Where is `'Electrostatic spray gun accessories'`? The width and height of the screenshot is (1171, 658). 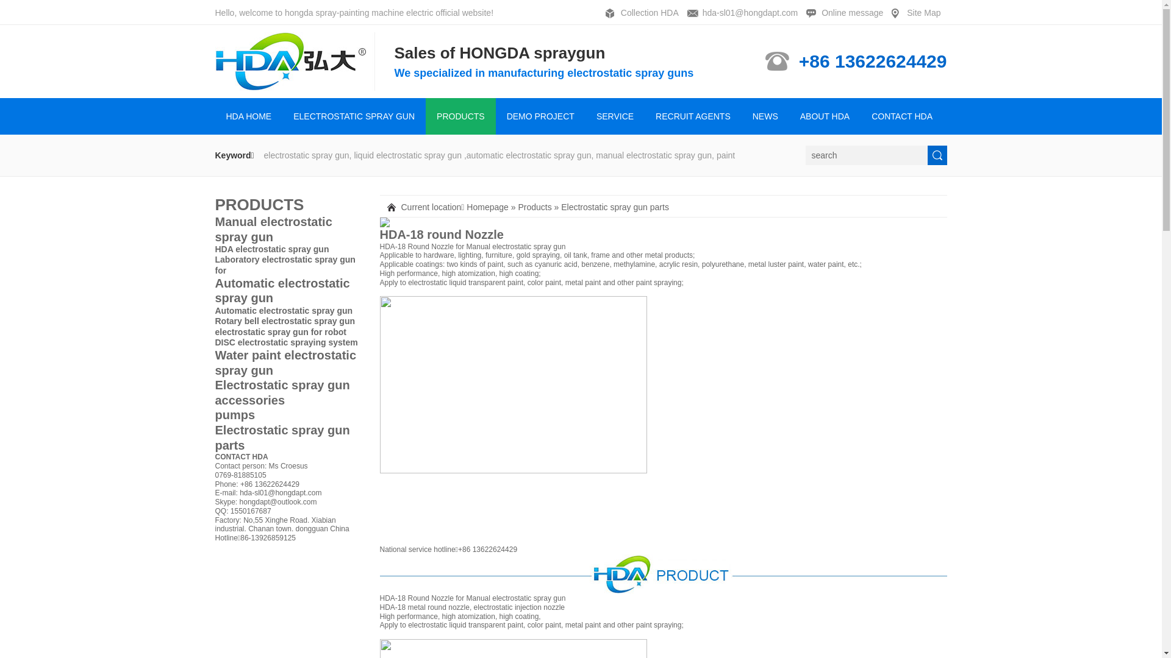 'Electrostatic spray gun accessories' is located at coordinates (214, 392).